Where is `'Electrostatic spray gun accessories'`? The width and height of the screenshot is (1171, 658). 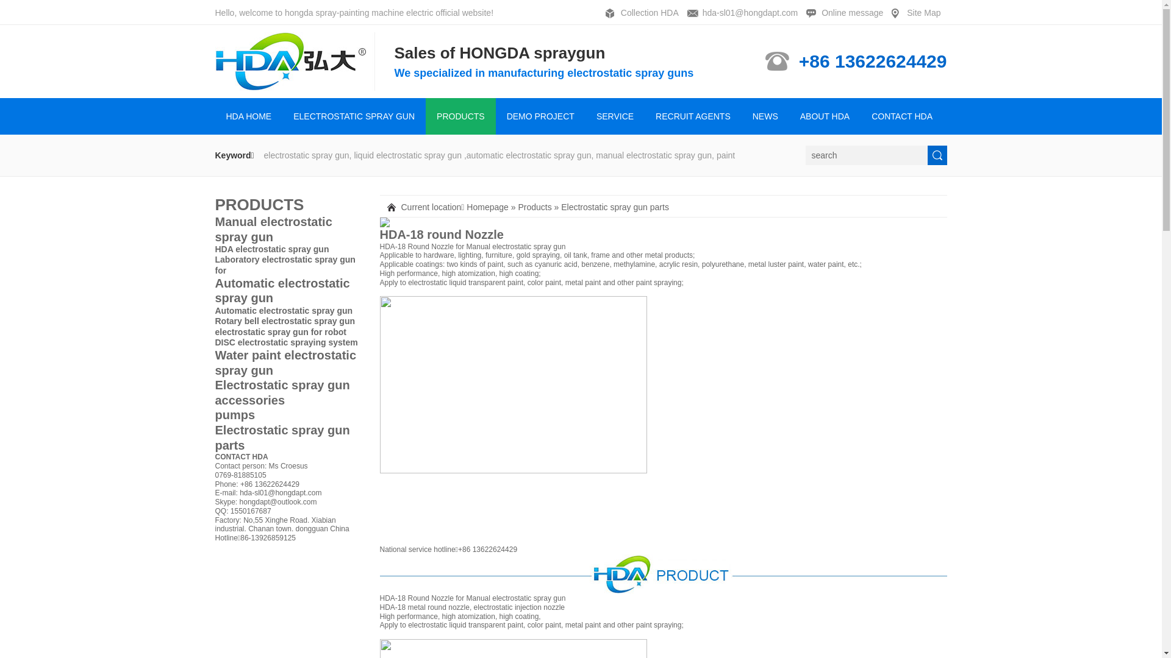 'Electrostatic spray gun accessories' is located at coordinates (214, 392).